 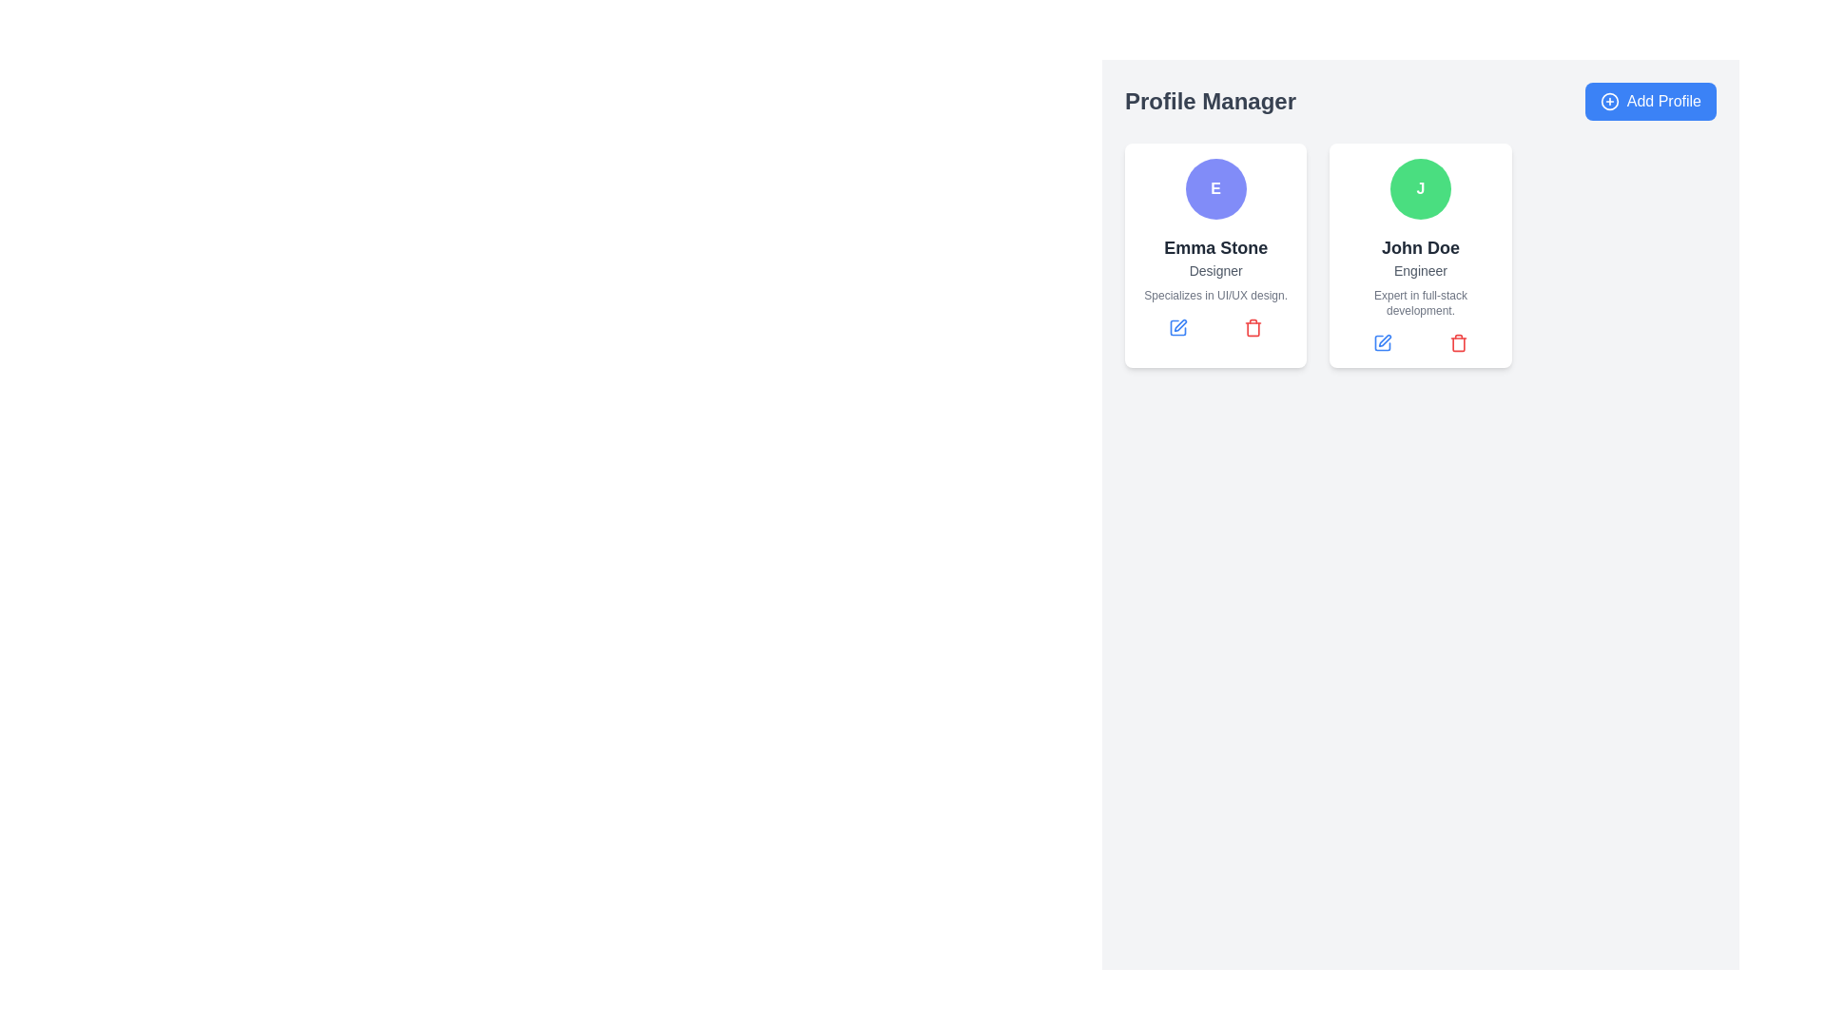 I want to click on the pen-like icon within the 'John Doe' card in the 'Profile Manager' interface, which represents editing functionalities, so click(x=1179, y=324).